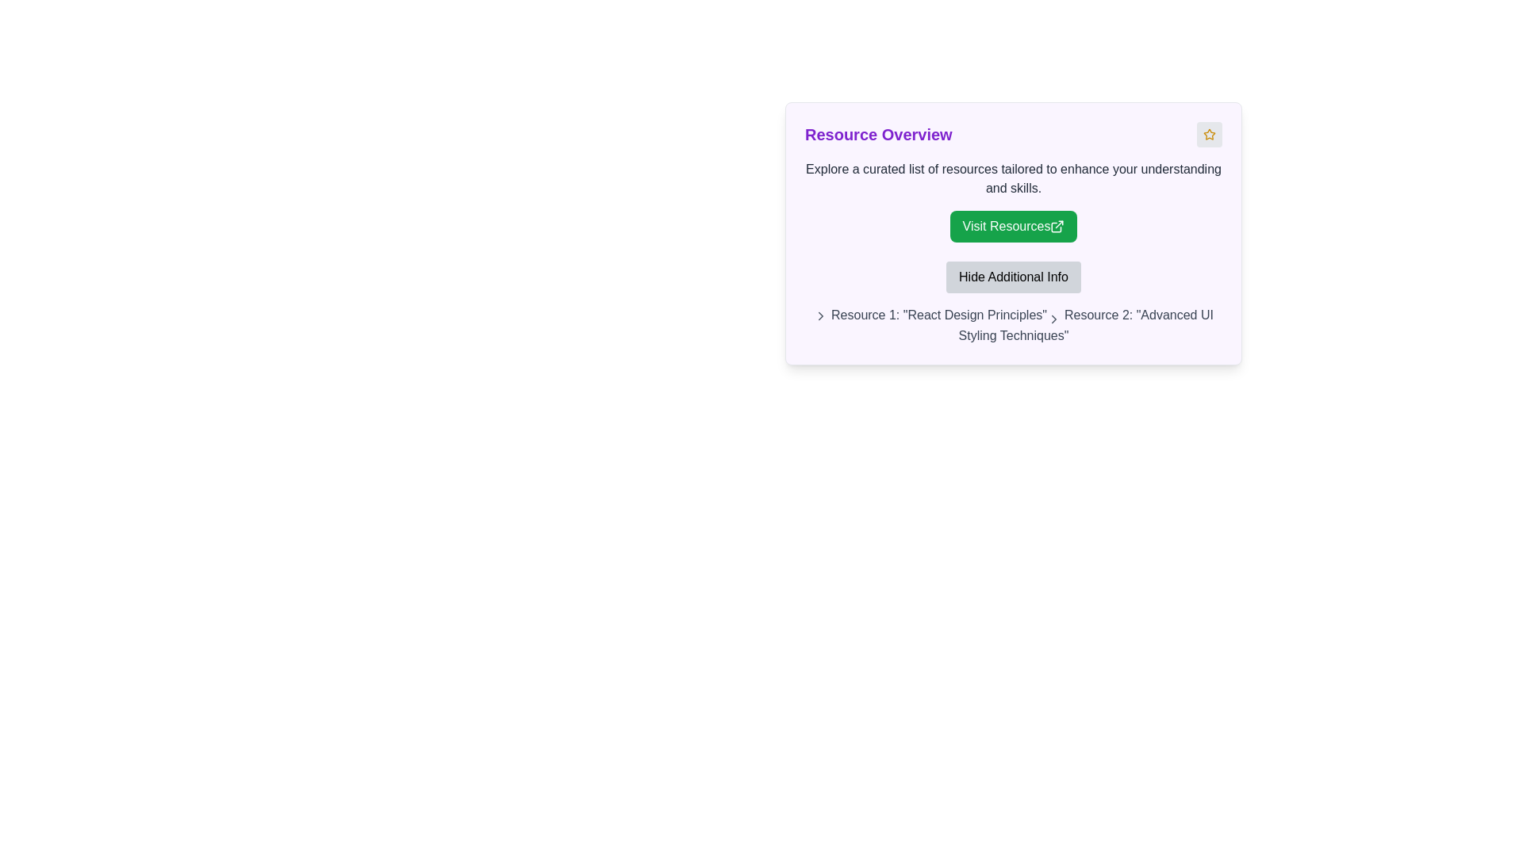 This screenshot has height=856, width=1523. Describe the element at coordinates (1209, 133) in the screenshot. I see `the favorite icon located in the top-right corner of the card component to mark an item as starred or favored` at that location.